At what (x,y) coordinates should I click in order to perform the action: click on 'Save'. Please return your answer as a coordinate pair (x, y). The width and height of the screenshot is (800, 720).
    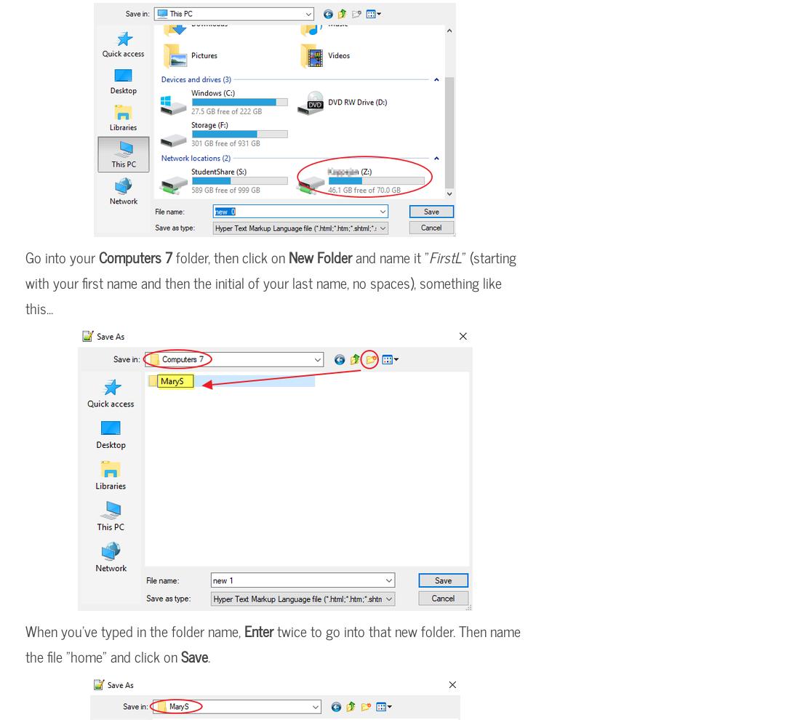
    Looking at the image, I should click on (194, 655).